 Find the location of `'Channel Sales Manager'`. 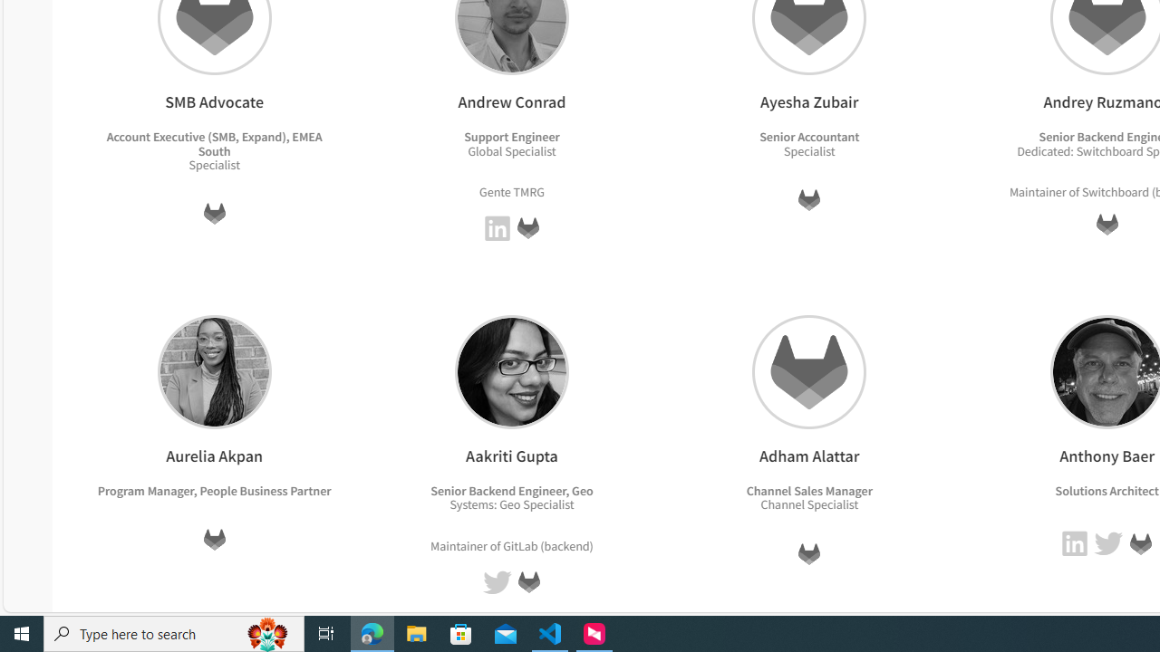

'Channel Sales Manager' is located at coordinates (807, 490).